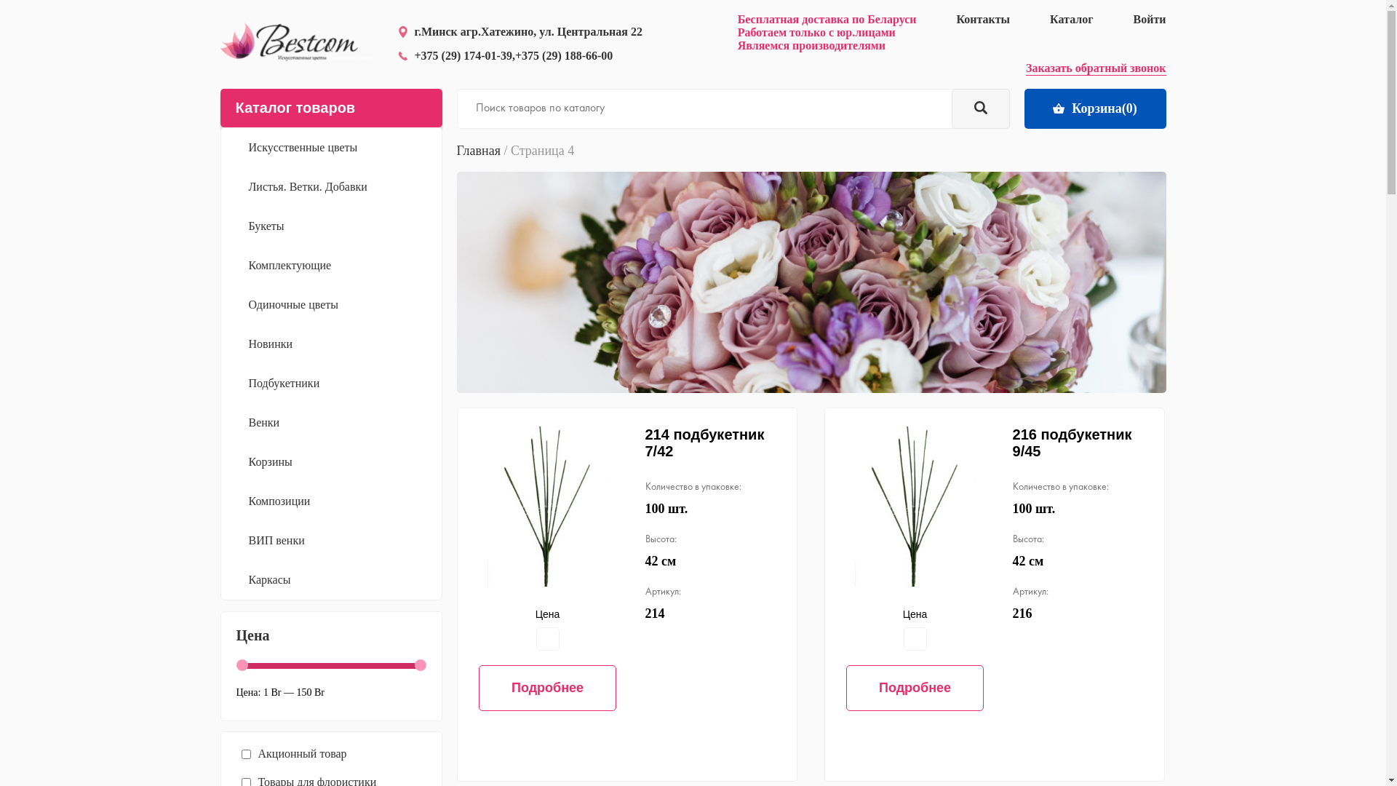 This screenshot has height=786, width=1397. I want to click on '+375 (29) 174-01-39', so click(463, 55).